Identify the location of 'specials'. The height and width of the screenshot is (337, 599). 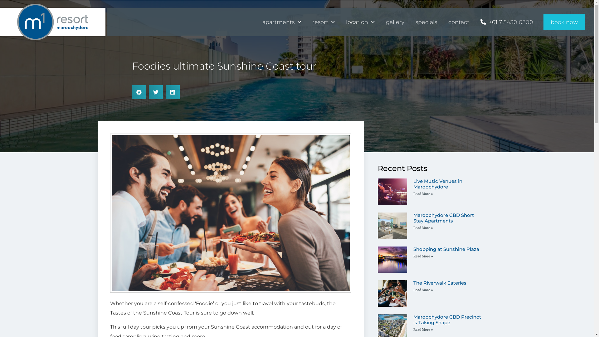
(426, 22).